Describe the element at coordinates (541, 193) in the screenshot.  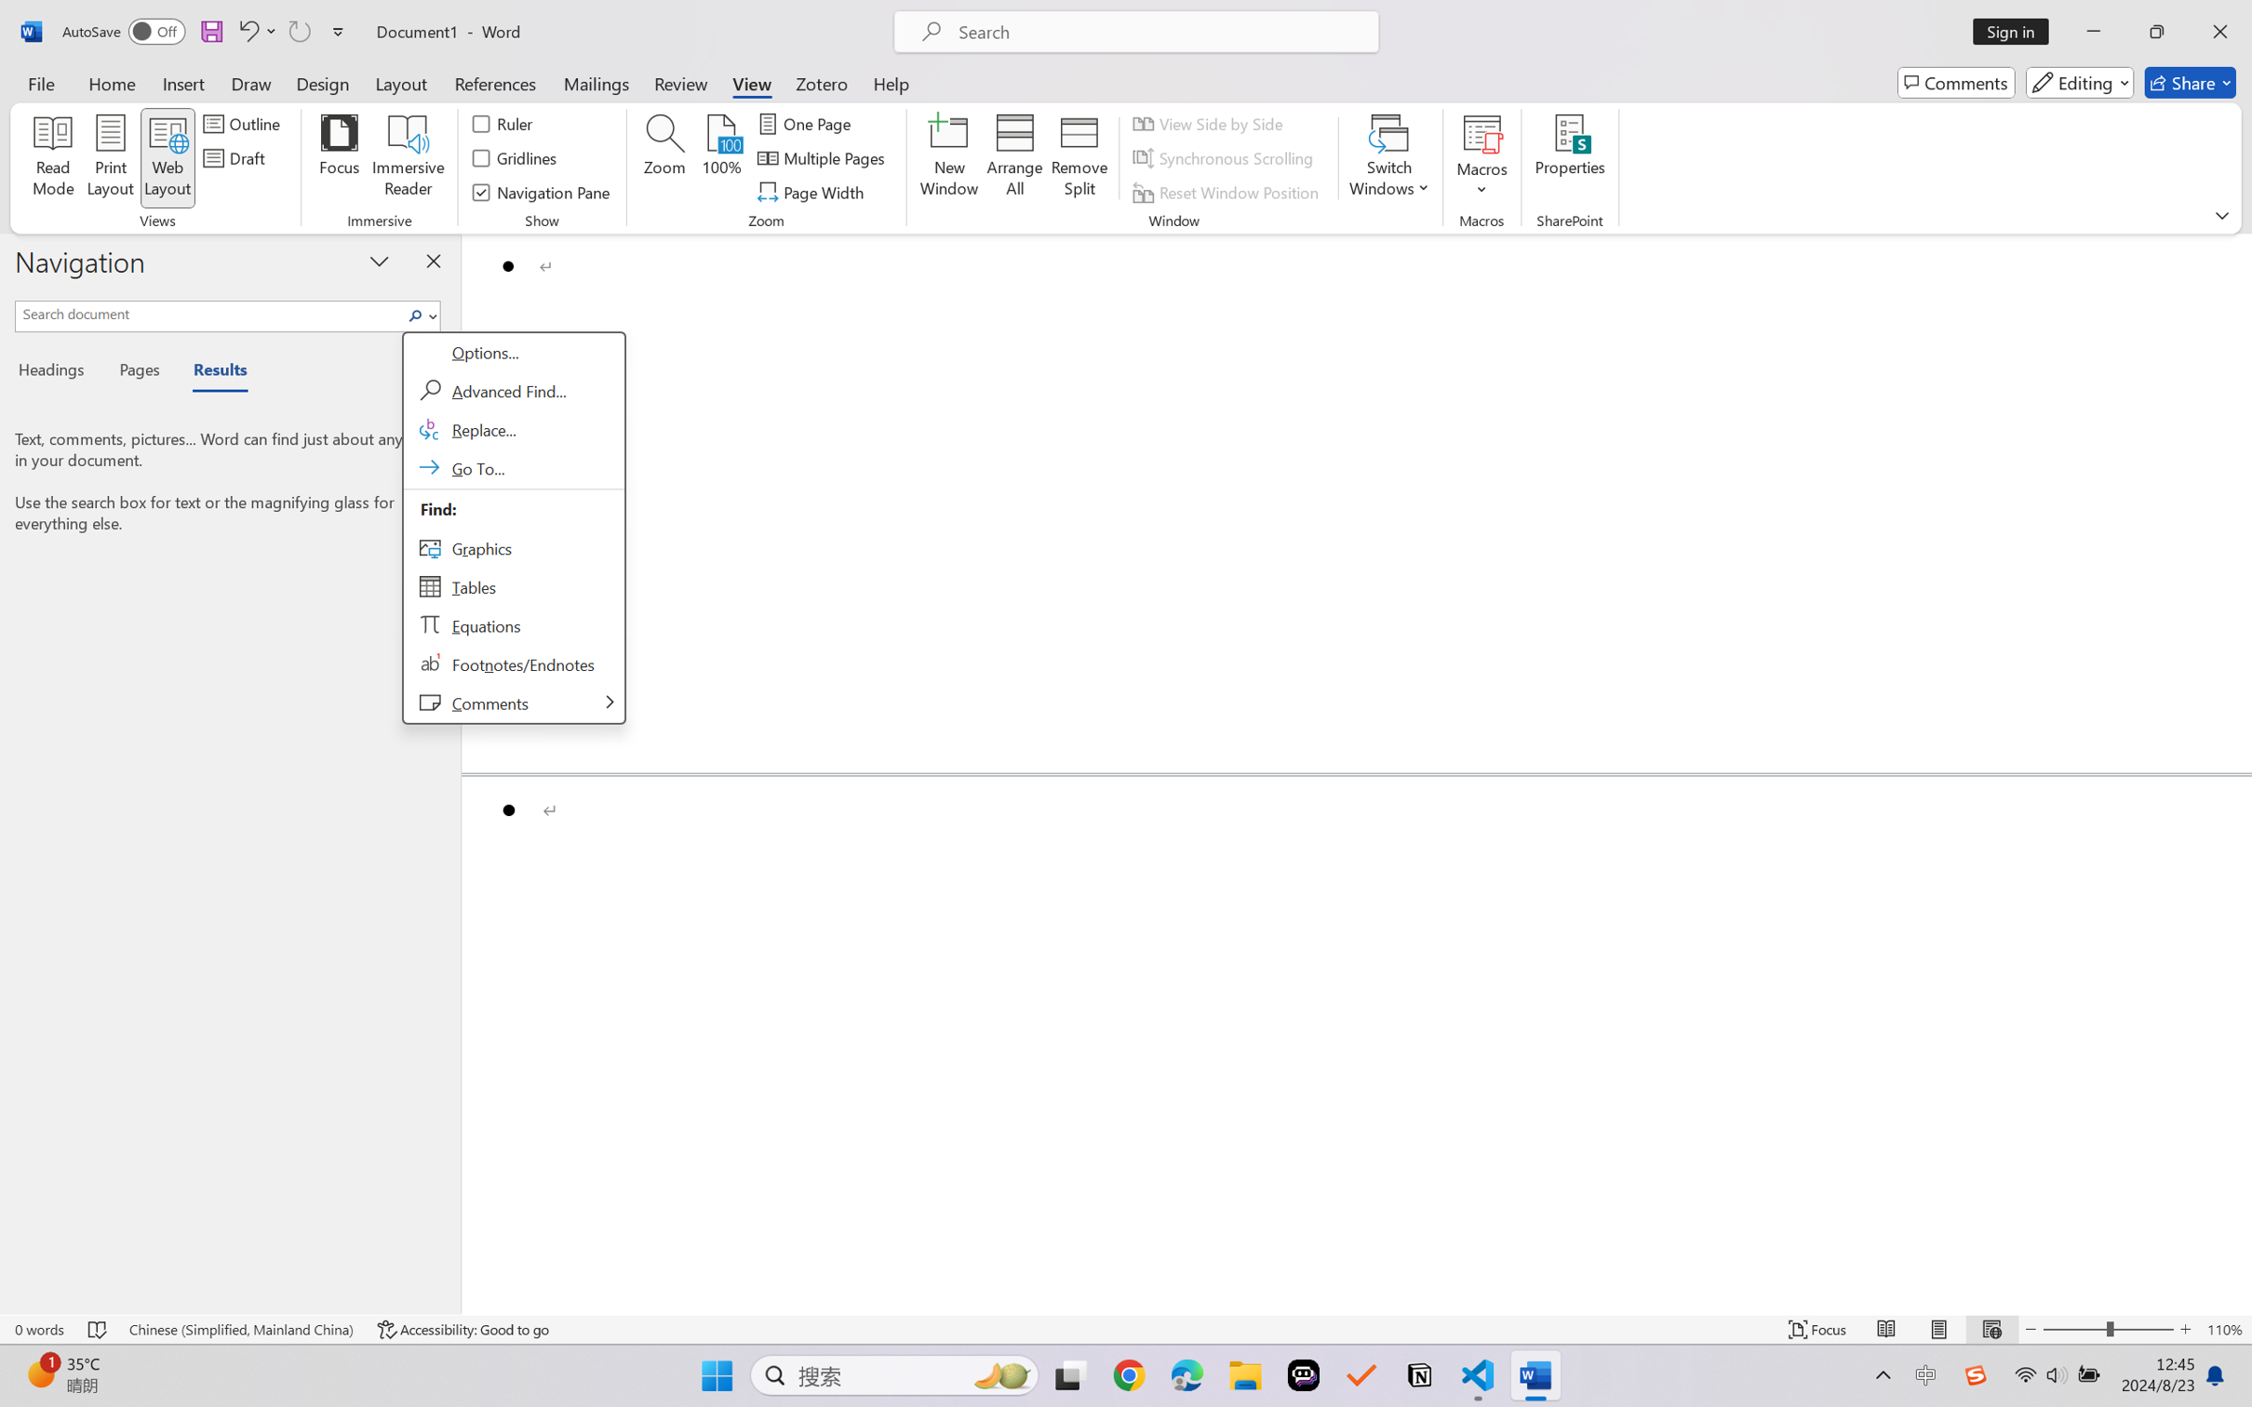
I see `'Navigation Pane'` at that location.